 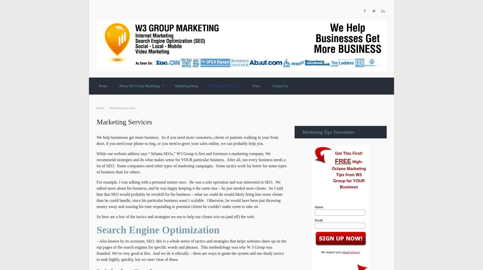 I want to click on 'Contact Us', so click(x=280, y=85).